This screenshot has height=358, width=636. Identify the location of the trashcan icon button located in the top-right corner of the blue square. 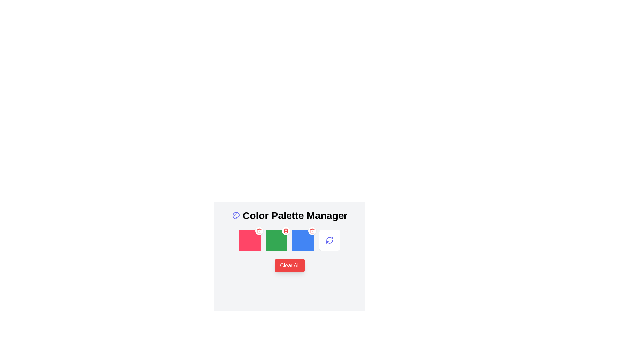
(312, 231).